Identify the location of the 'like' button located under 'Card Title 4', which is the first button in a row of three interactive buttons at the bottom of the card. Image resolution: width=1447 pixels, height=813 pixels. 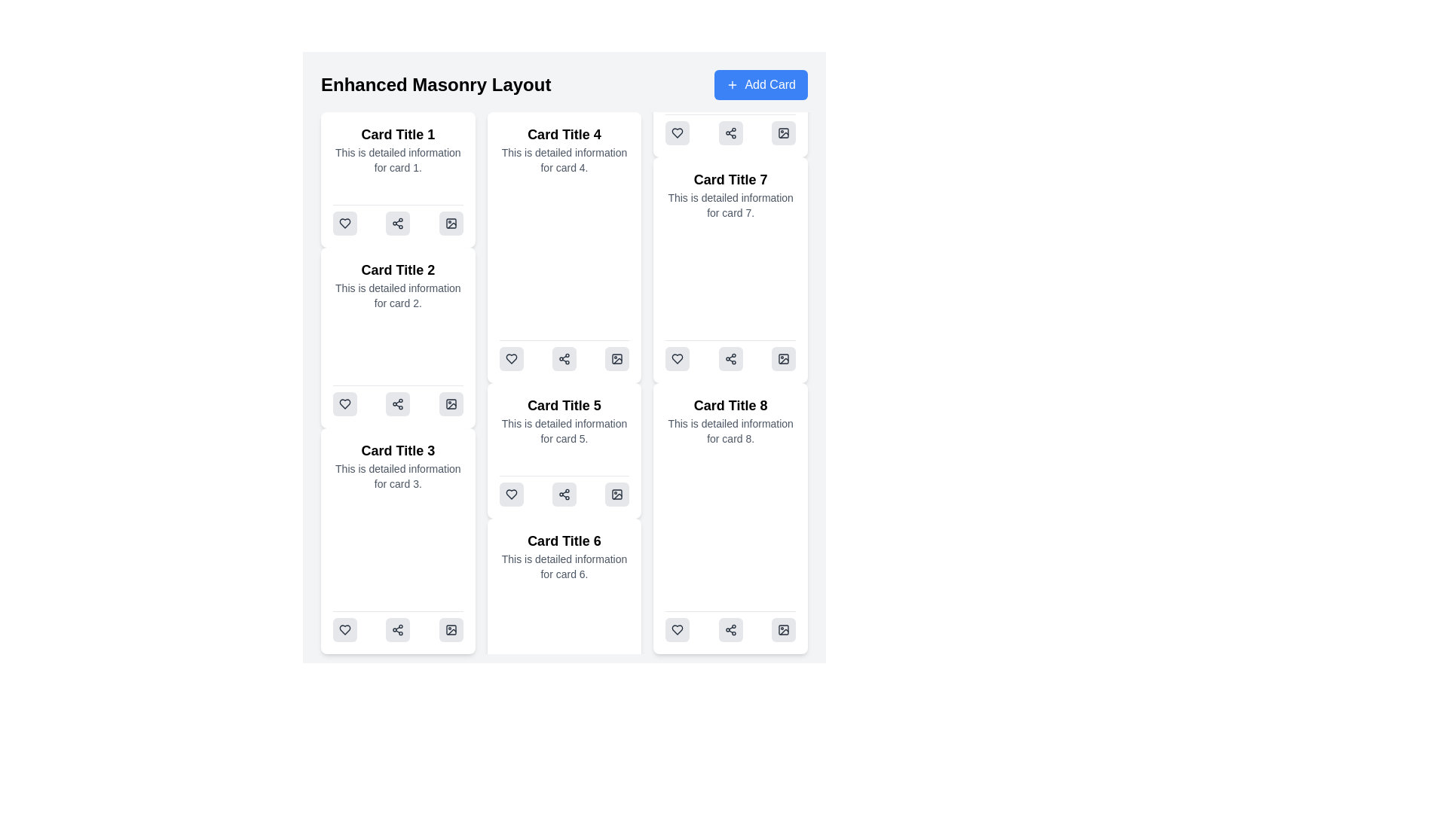
(511, 359).